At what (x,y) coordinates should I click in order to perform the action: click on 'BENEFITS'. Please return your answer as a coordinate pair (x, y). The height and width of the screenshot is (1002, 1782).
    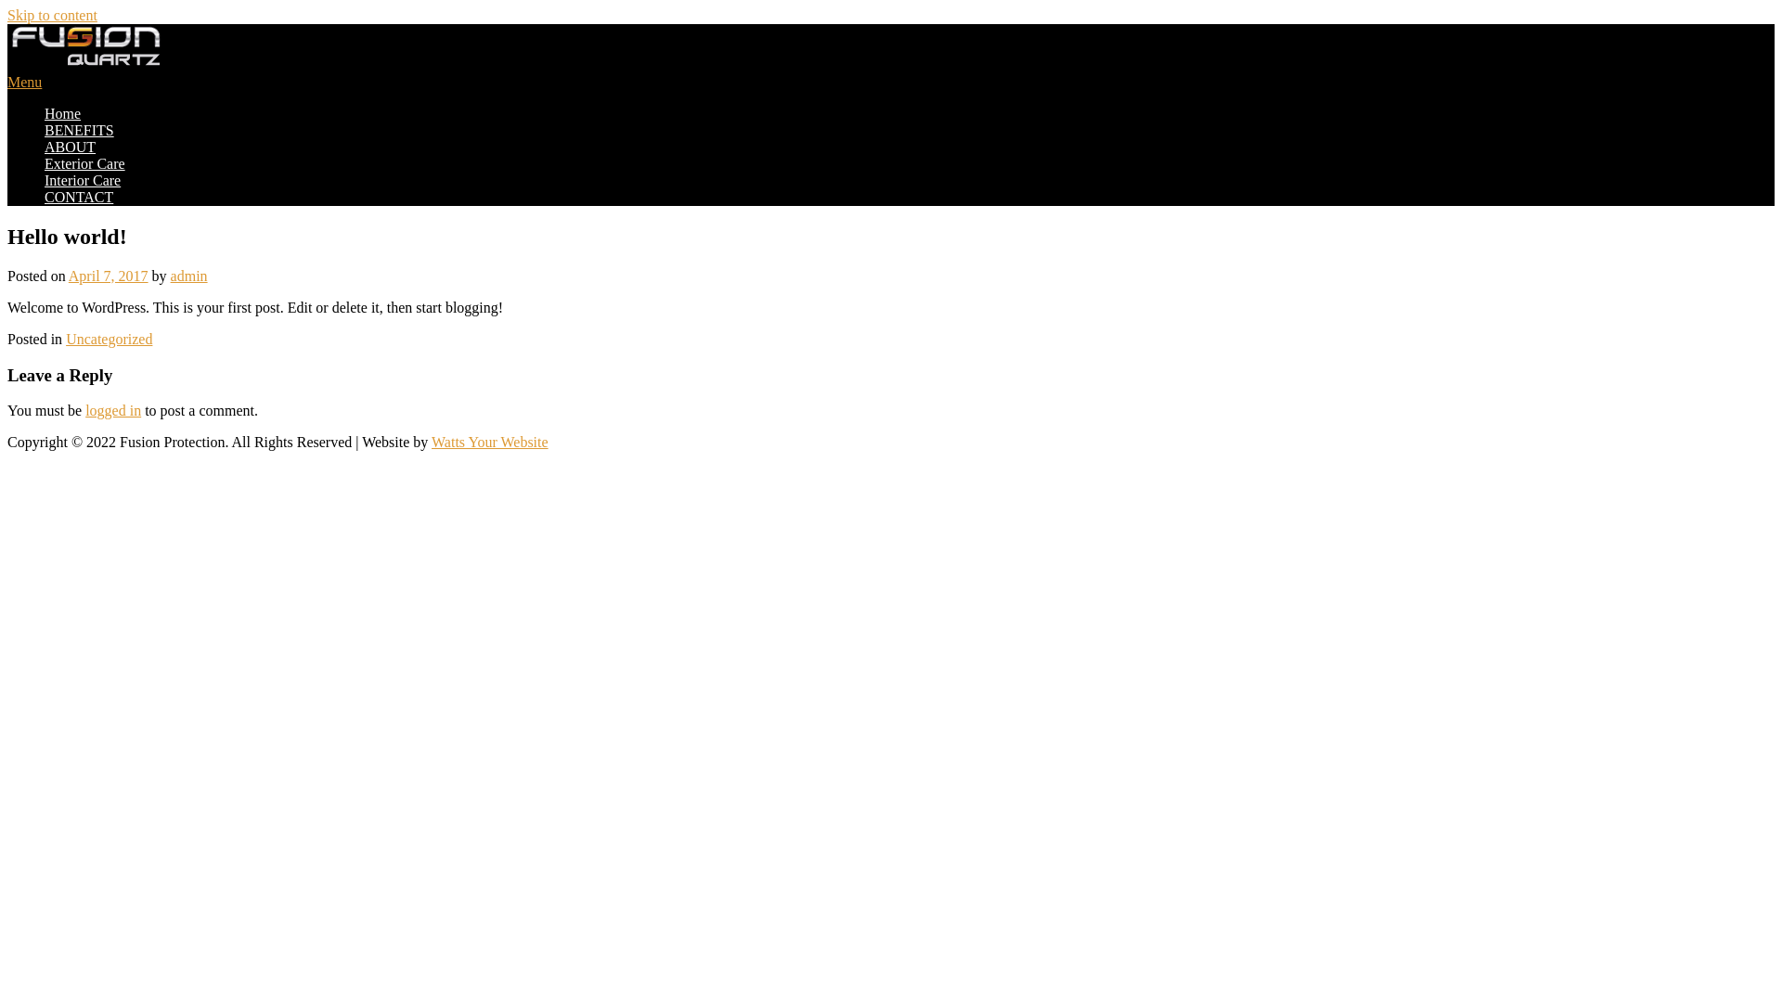
    Looking at the image, I should click on (78, 129).